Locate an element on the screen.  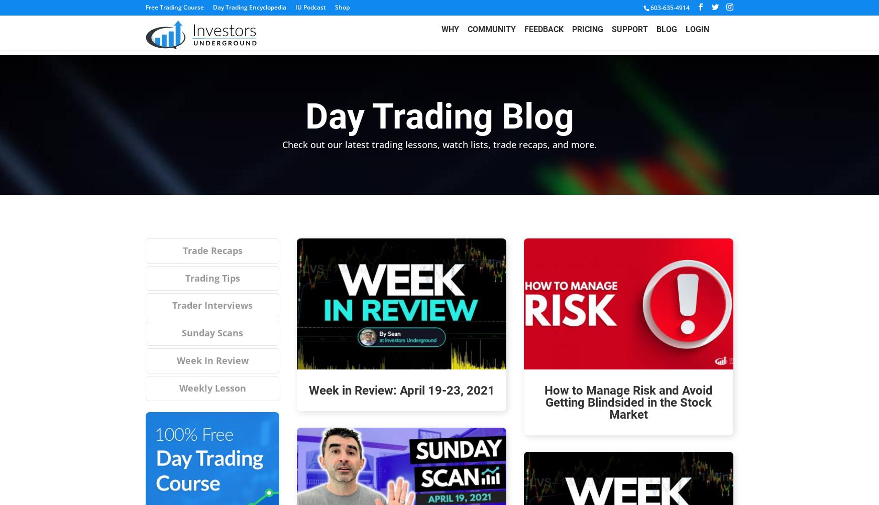
'COMMUNITY' is located at coordinates (491, 35).